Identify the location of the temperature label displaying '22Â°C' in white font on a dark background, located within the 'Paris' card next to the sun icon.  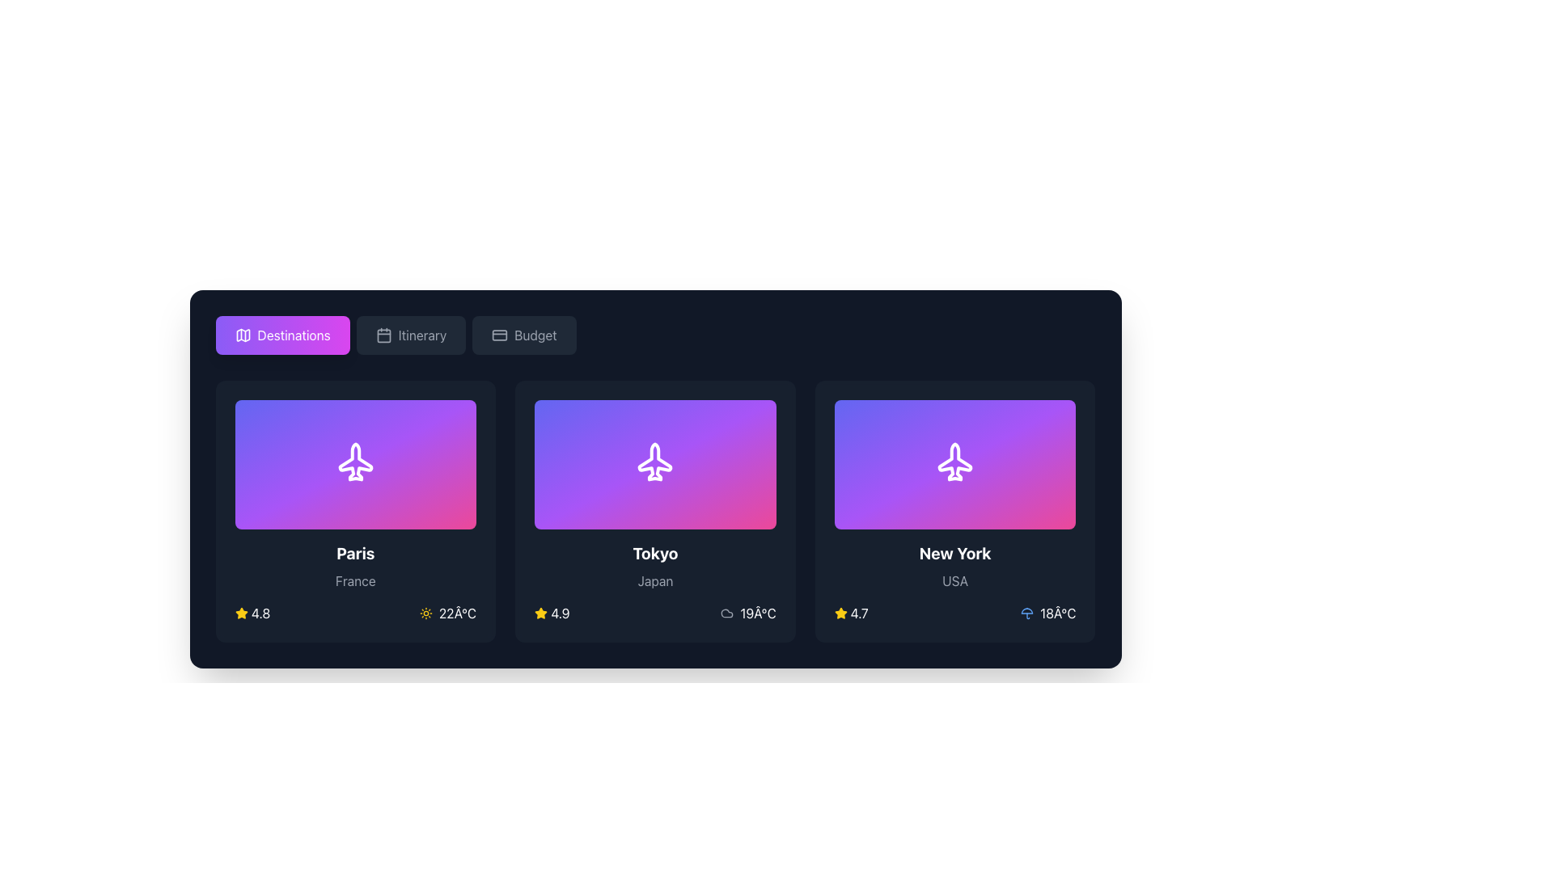
(457, 614).